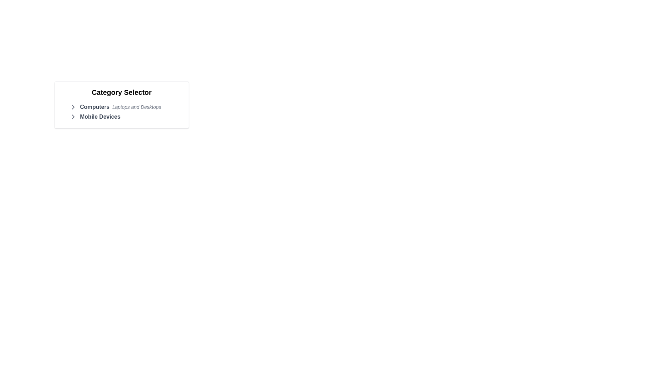  Describe the element at coordinates (94, 107) in the screenshot. I see `the bold text element 'Computers' located in the 'Category Selector' box, positioned at the top-left of the first category row` at that location.